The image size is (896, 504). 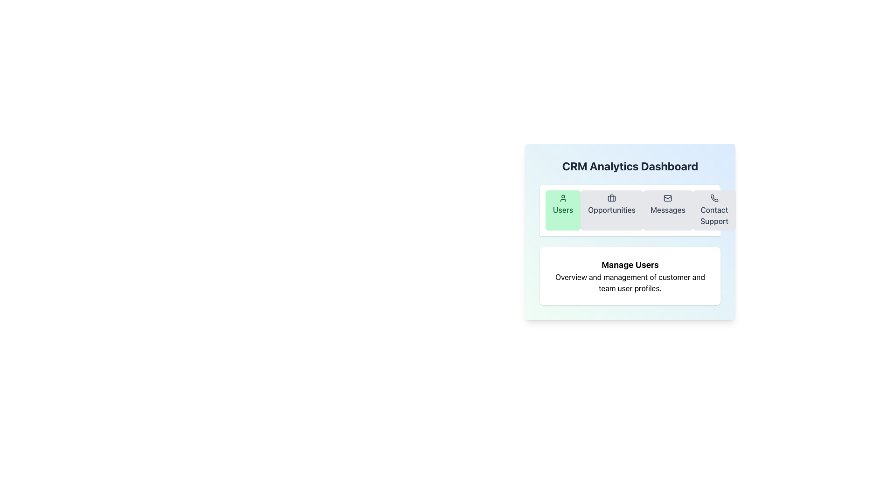 I want to click on the contact support icon located at the top of the 'Contact Support' box in the CRM Analytics Dashboard, which is centrally positioned above its label, so click(x=714, y=197).